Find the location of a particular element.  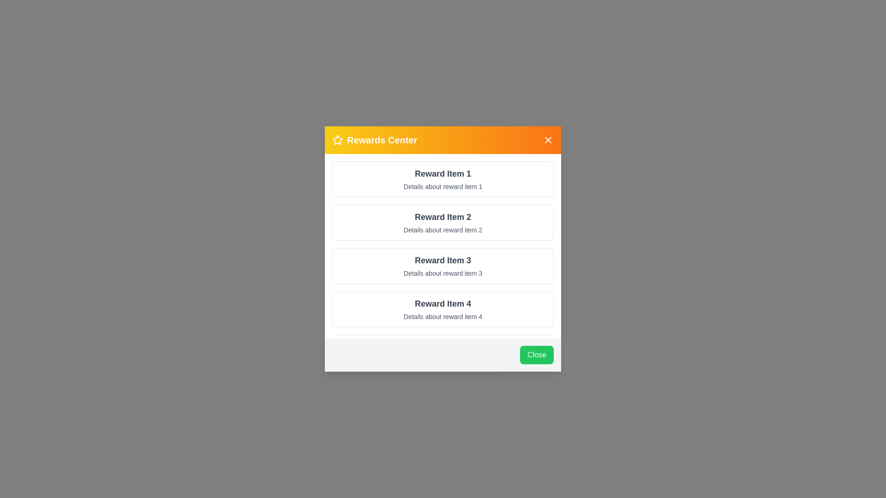

close button in the header of the RewardsDialog is located at coordinates (548, 140).